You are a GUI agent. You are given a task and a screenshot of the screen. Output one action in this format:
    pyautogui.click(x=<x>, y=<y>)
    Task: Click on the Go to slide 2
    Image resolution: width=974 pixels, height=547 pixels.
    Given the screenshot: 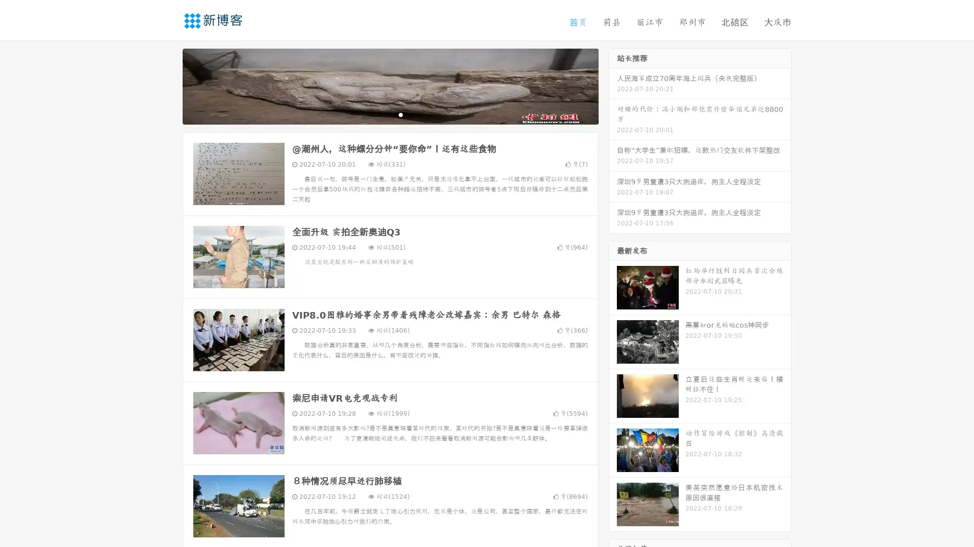 What is the action you would take?
    pyautogui.click(x=390, y=114)
    